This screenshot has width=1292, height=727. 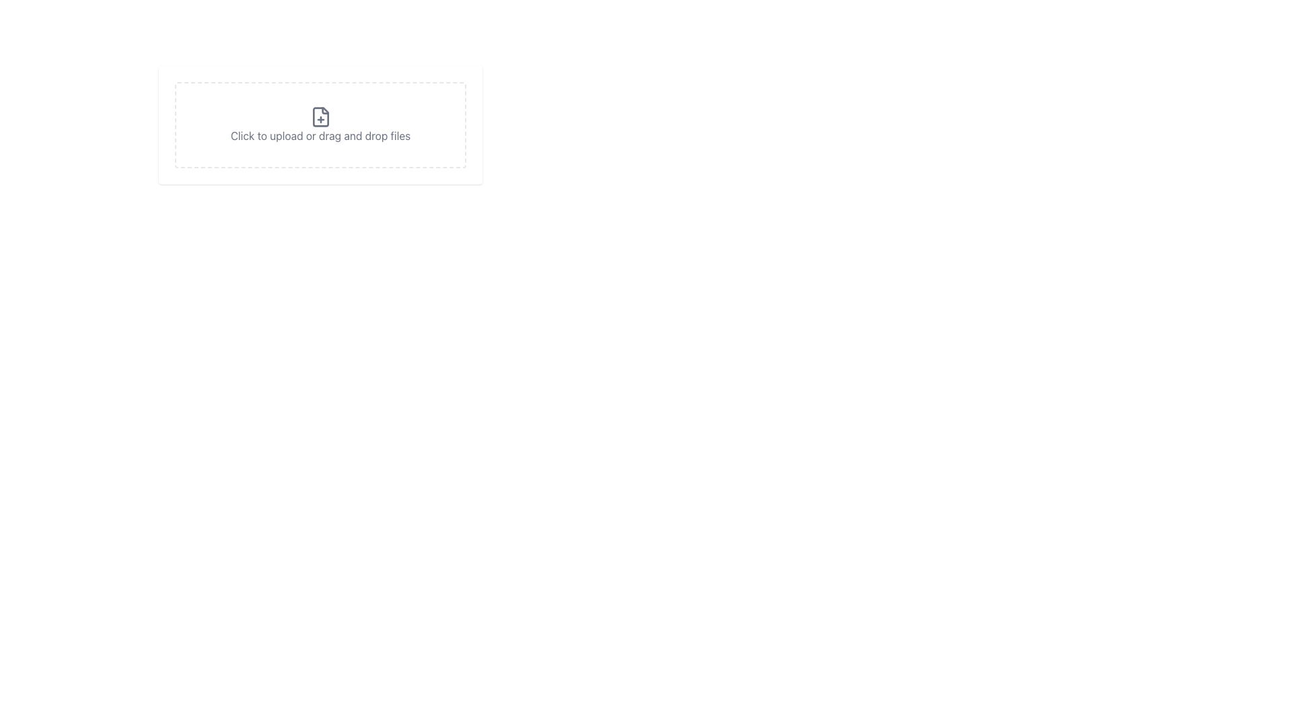 What do you see at coordinates (320, 155) in the screenshot?
I see `the Dropzone area` at bounding box center [320, 155].